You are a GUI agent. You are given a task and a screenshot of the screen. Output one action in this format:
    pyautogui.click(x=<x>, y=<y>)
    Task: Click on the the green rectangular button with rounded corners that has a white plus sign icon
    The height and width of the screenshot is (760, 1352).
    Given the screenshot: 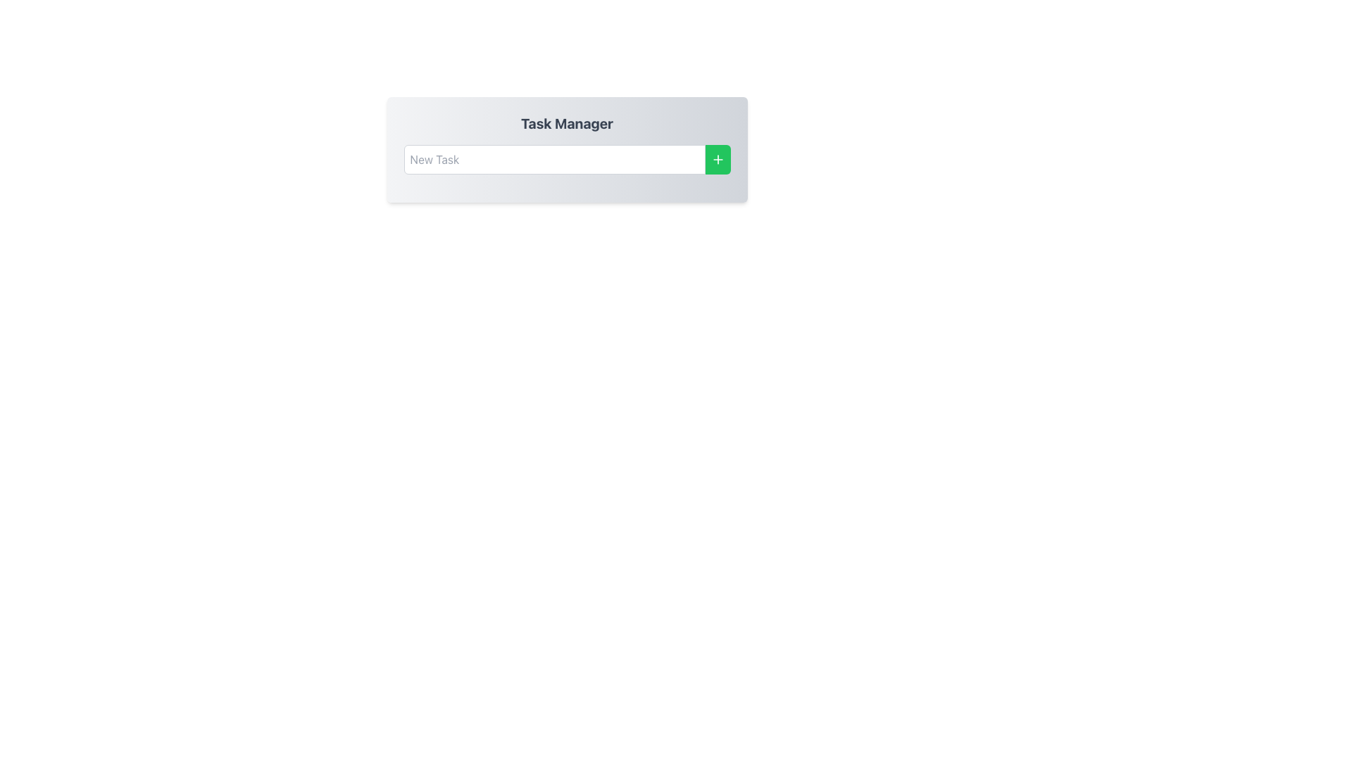 What is the action you would take?
    pyautogui.click(x=718, y=159)
    